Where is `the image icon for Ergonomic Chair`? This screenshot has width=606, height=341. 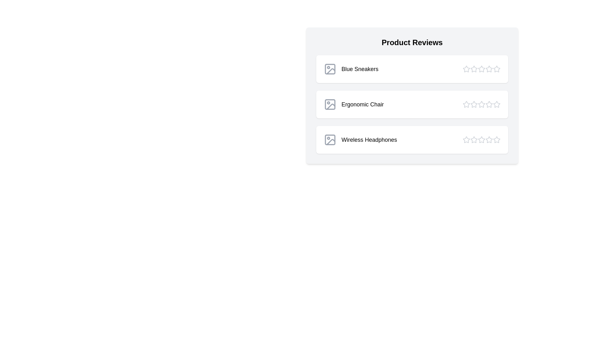
the image icon for Ergonomic Chair is located at coordinates (330, 104).